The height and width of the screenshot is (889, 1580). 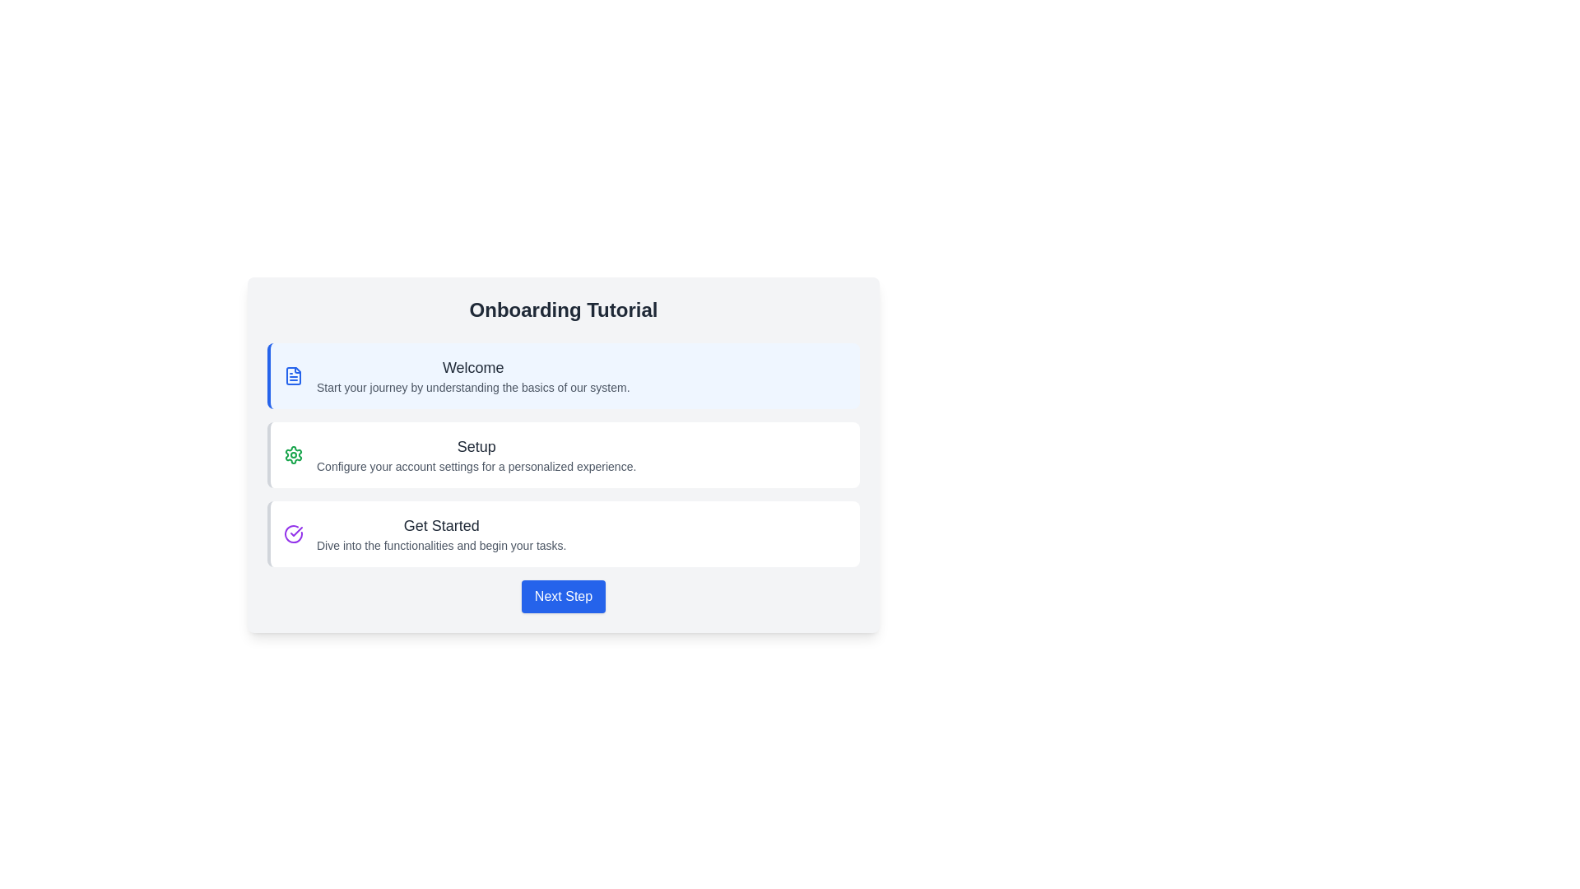 What do you see at coordinates (472, 387) in the screenshot?
I see `the introductory text element located in the 'Welcome' section, which provides guidance to the user about the current section` at bounding box center [472, 387].